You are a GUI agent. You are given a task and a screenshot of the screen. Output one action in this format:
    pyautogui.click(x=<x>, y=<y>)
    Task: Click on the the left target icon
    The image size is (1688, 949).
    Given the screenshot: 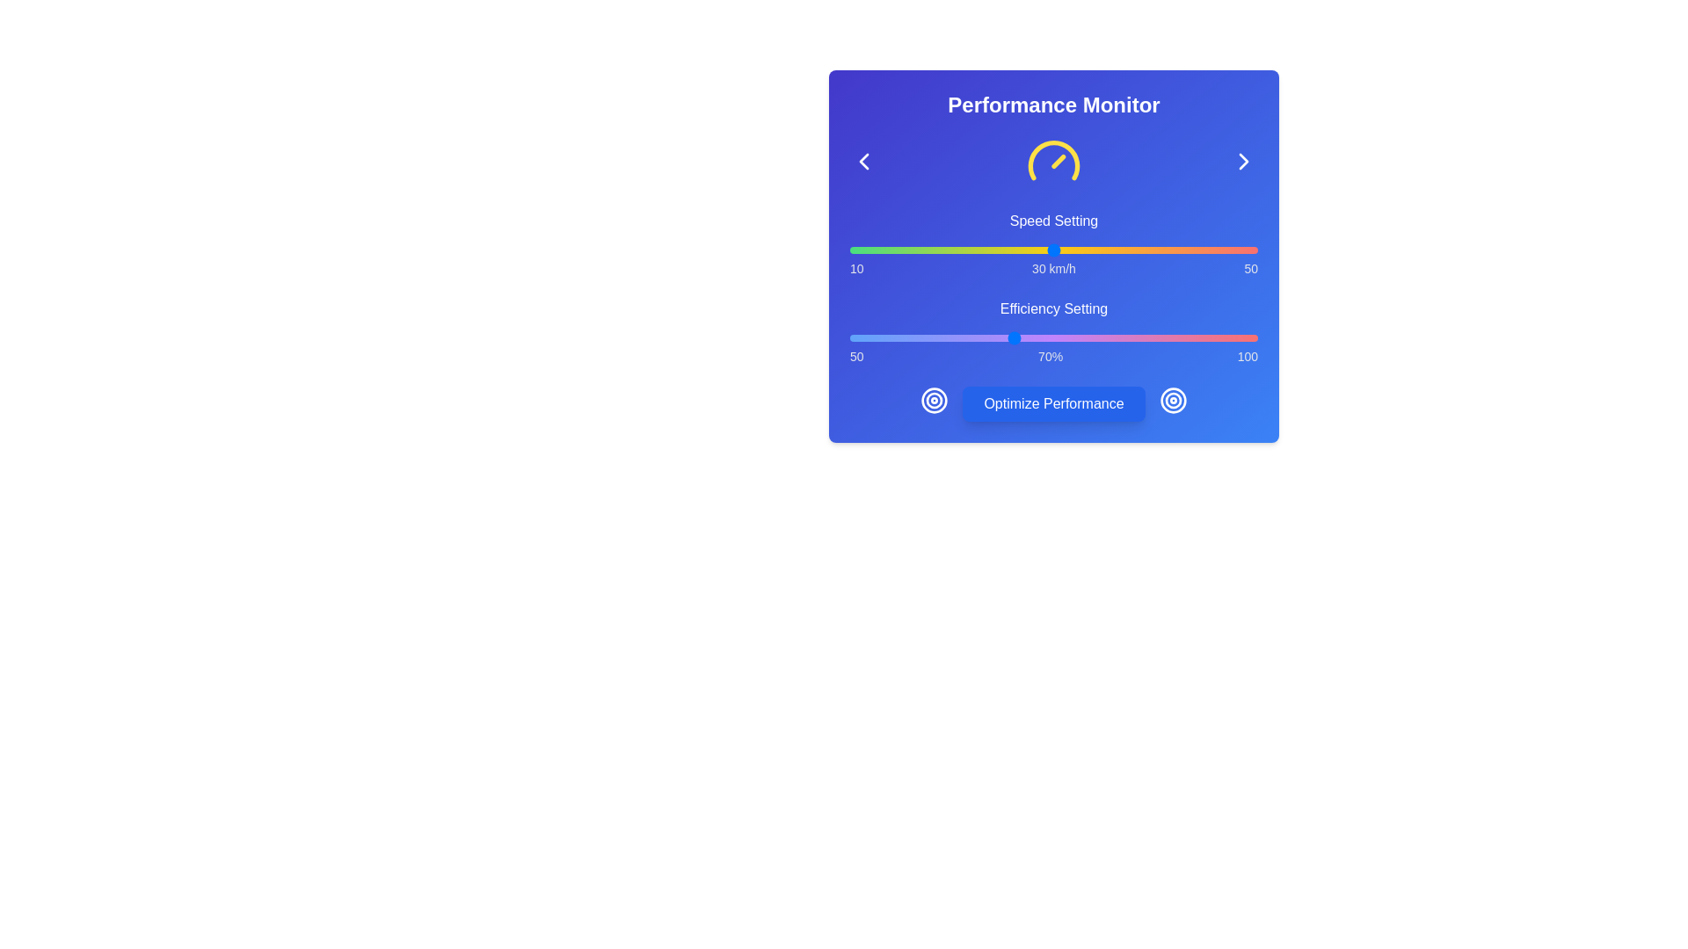 What is the action you would take?
    pyautogui.click(x=933, y=400)
    